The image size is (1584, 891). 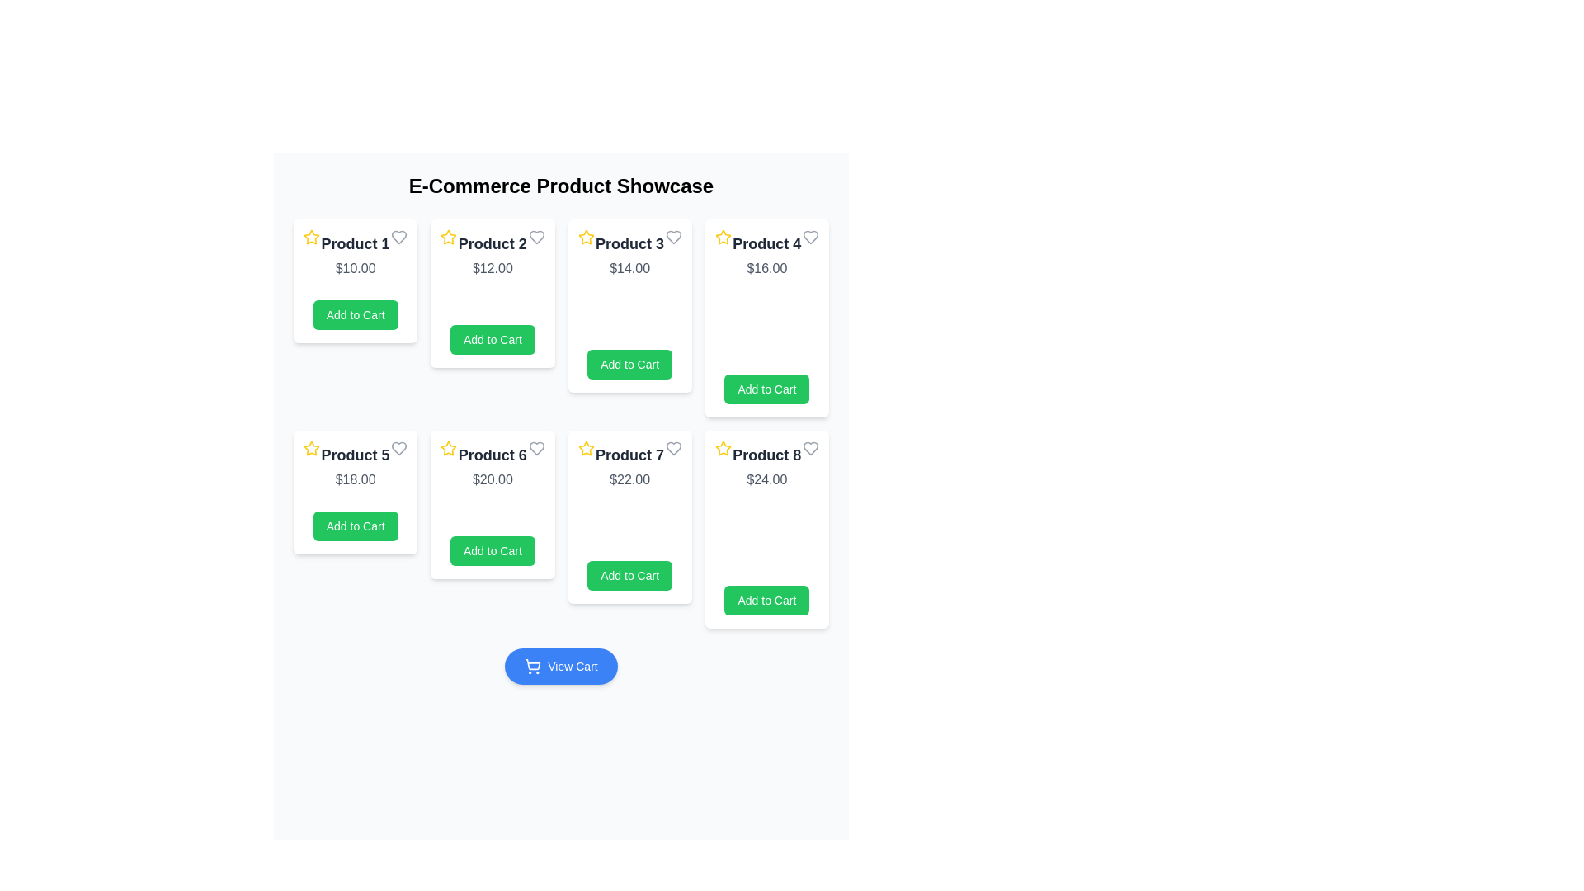 I want to click on the yellow star-shaped icon to rate 'Product 7' as a favorite, so click(x=586, y=448).